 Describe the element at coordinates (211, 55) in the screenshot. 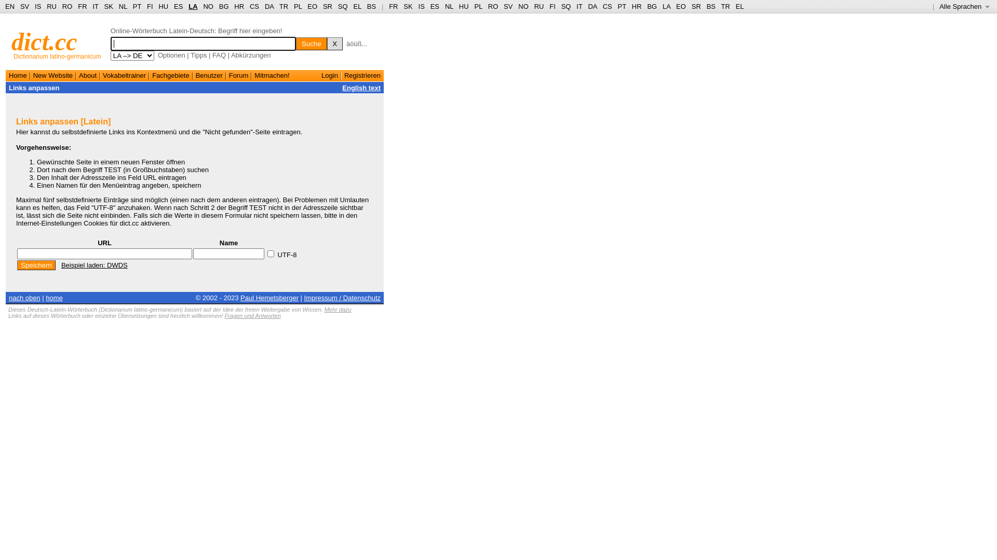

I see `'FAQ'` at that location.